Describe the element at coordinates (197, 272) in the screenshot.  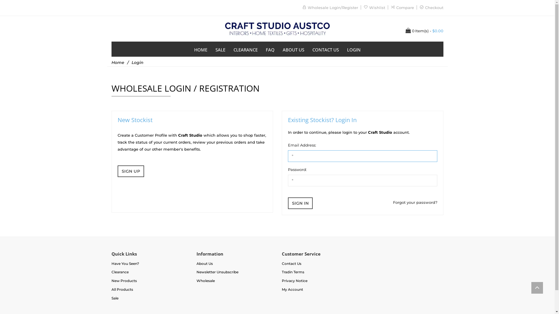
I see `'Newsletter Unsubscribe'` at that location.